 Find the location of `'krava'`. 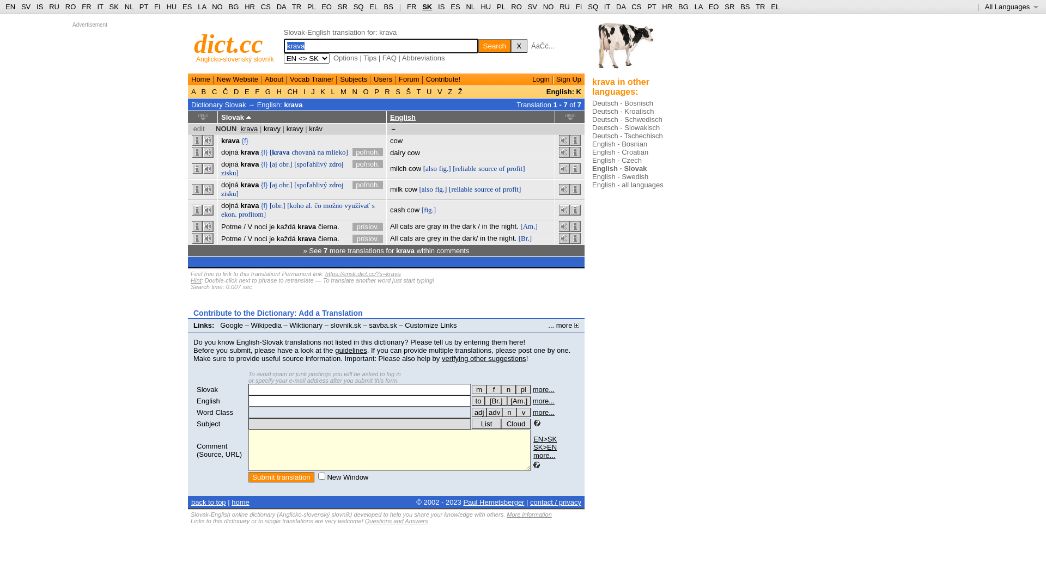

'krava' is located at coordinates (248, 152).